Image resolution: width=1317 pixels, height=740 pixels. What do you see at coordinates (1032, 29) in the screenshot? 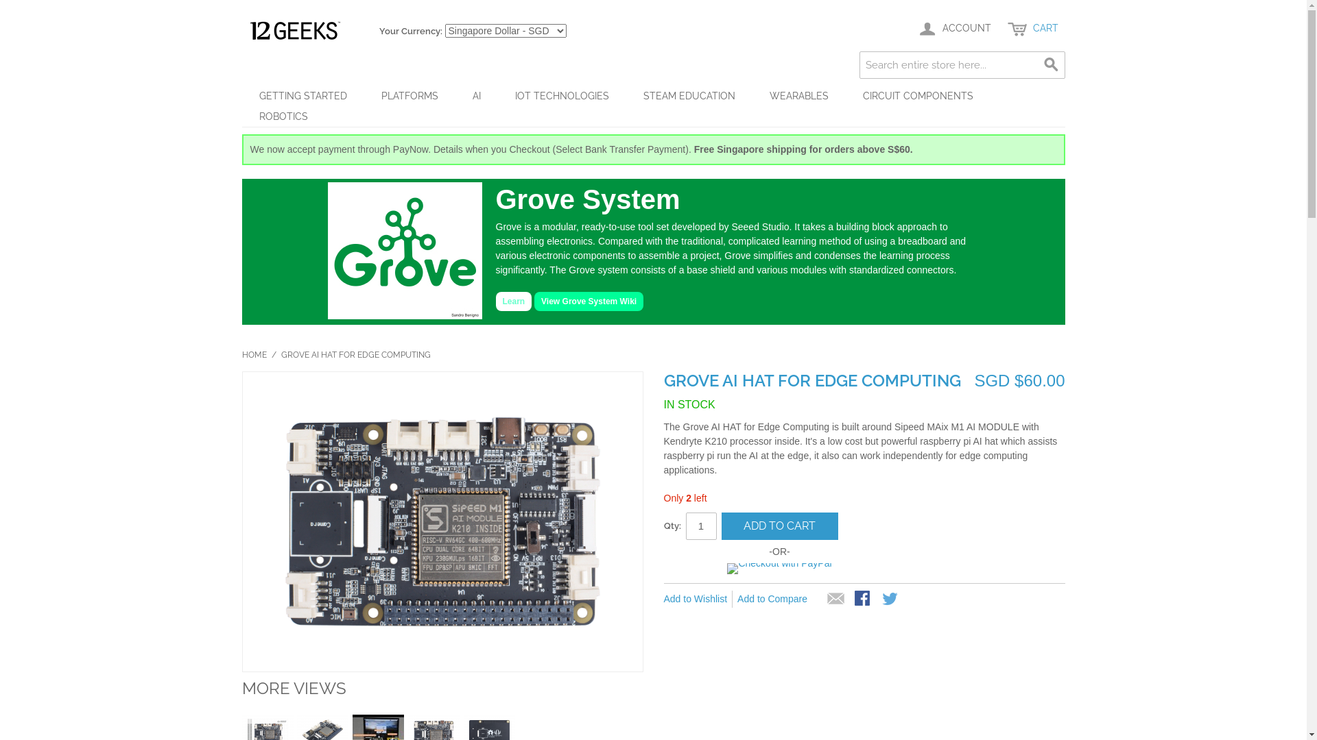
I see `'CART'` at bounding box center [1032, 29].